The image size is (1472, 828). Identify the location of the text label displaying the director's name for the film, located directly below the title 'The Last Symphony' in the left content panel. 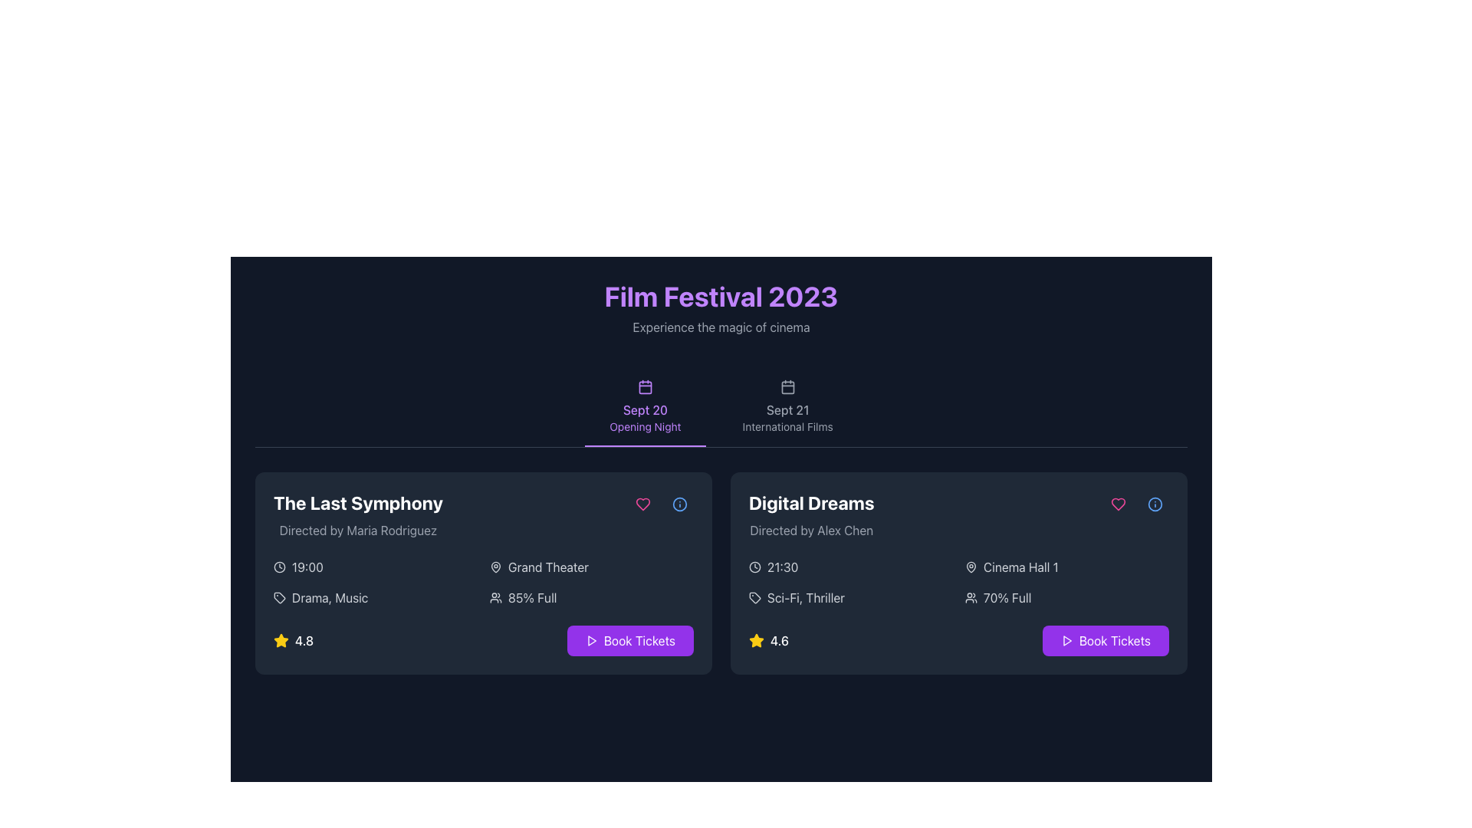
(357, 529).